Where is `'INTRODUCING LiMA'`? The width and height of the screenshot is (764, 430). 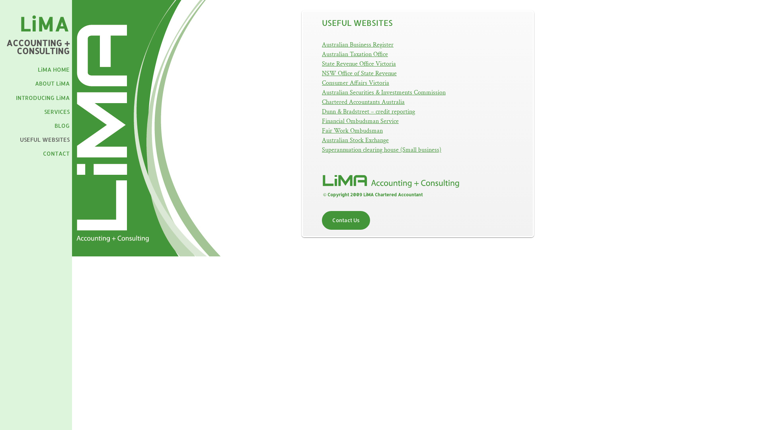 'INTRODUCING LiMA' is located at coordinates (42, 97).